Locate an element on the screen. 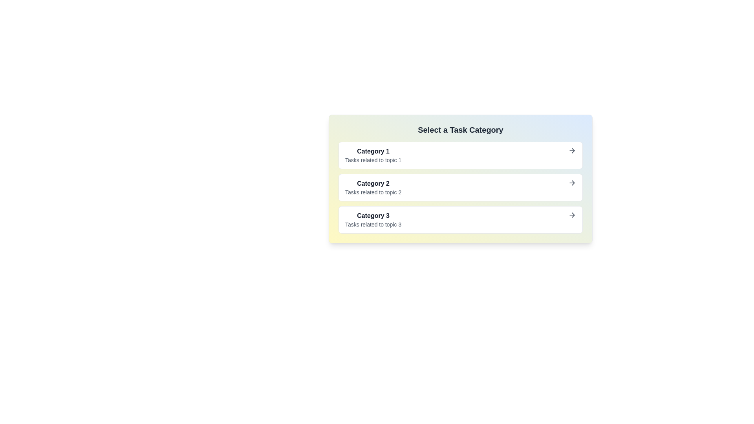  the text label reading 'Tasks related to topic 3', which is styled with a smaller font size and light gray color, located beneath the bold title 'Category 3' is located at coordinates (373, 224).